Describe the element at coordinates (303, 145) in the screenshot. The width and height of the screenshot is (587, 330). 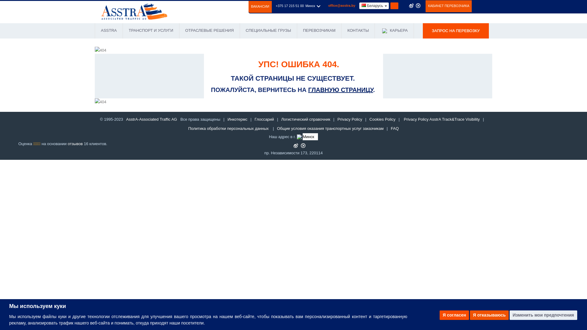
I see `'Youku'` at that location.